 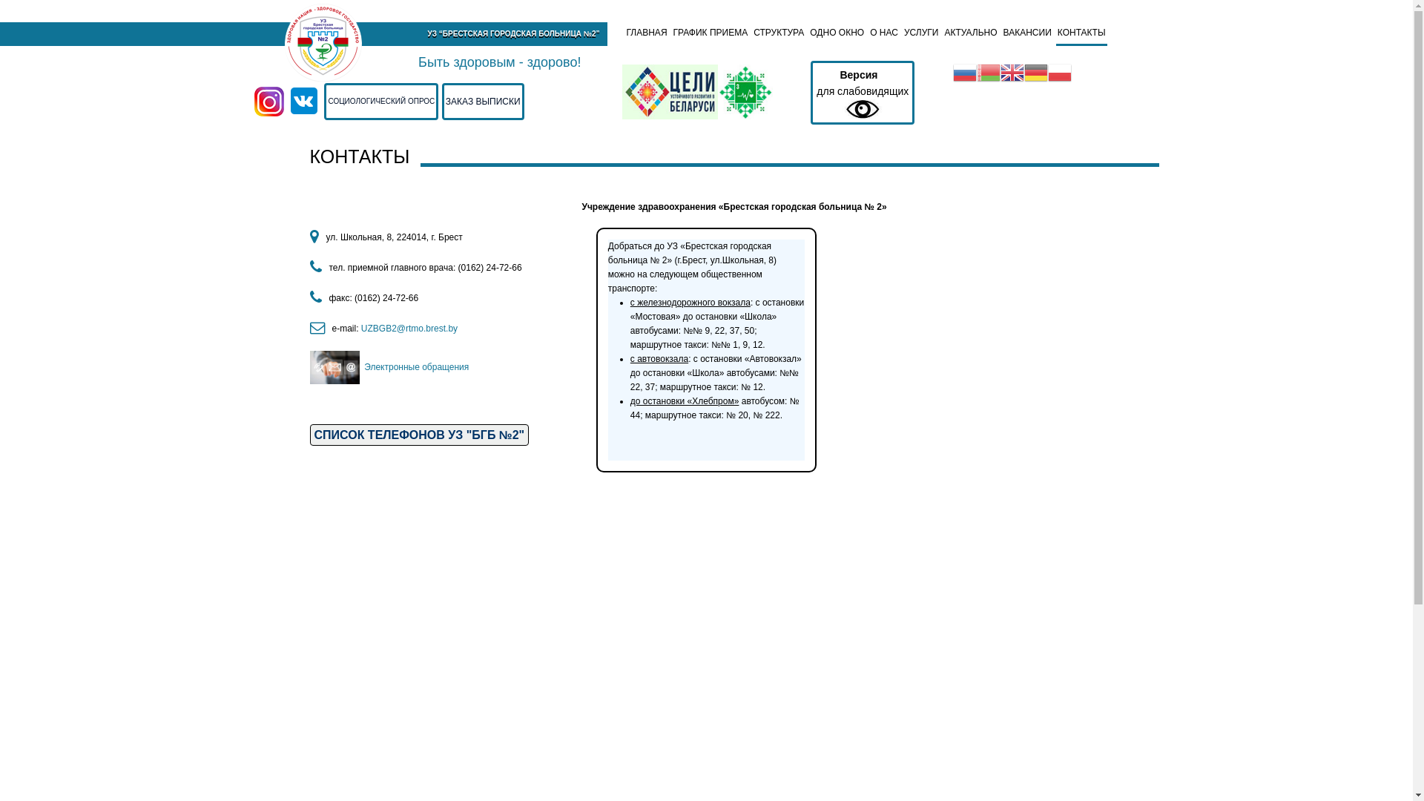 I want to click on 'German', so click(x=1023, y=71).